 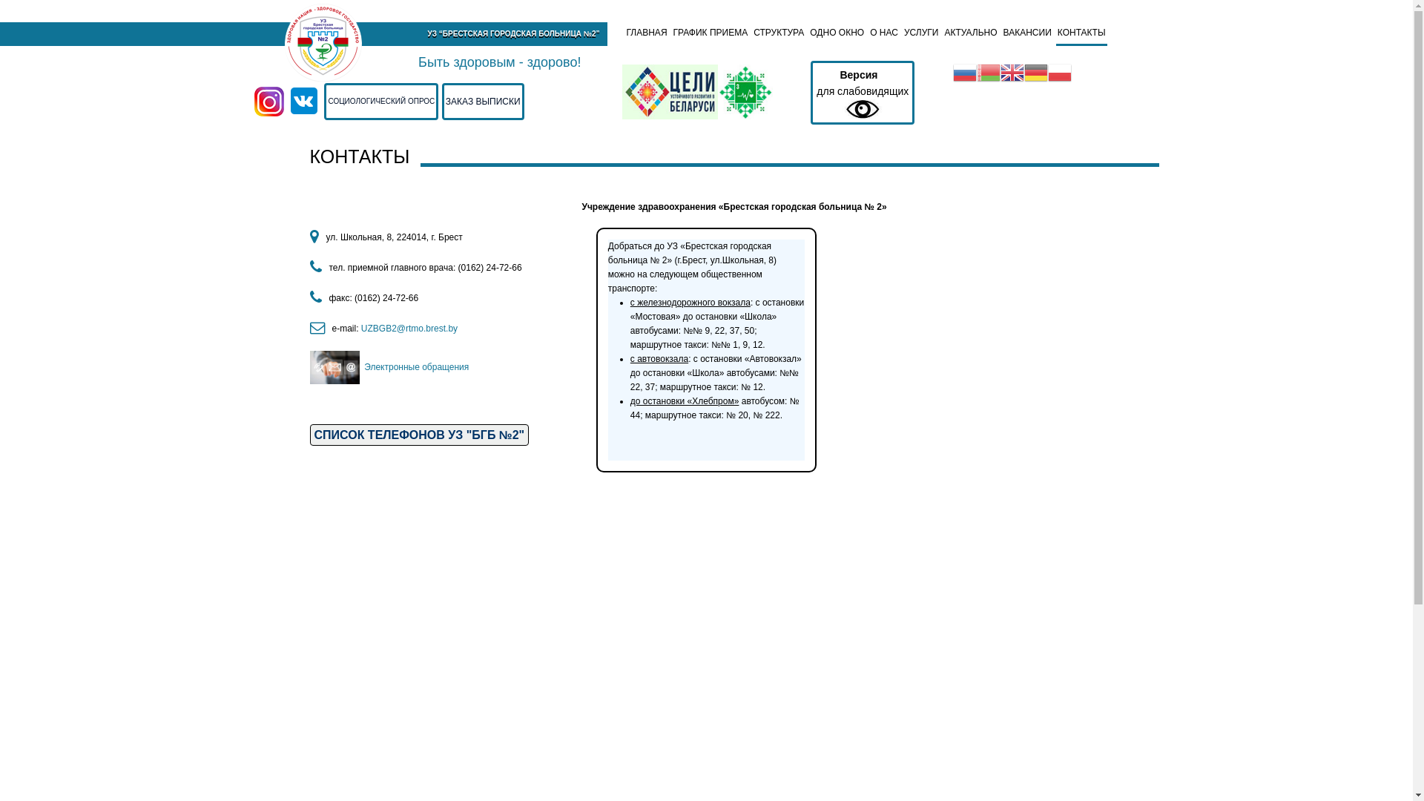 I want to click on 'German', so click(x=1023, y=71).